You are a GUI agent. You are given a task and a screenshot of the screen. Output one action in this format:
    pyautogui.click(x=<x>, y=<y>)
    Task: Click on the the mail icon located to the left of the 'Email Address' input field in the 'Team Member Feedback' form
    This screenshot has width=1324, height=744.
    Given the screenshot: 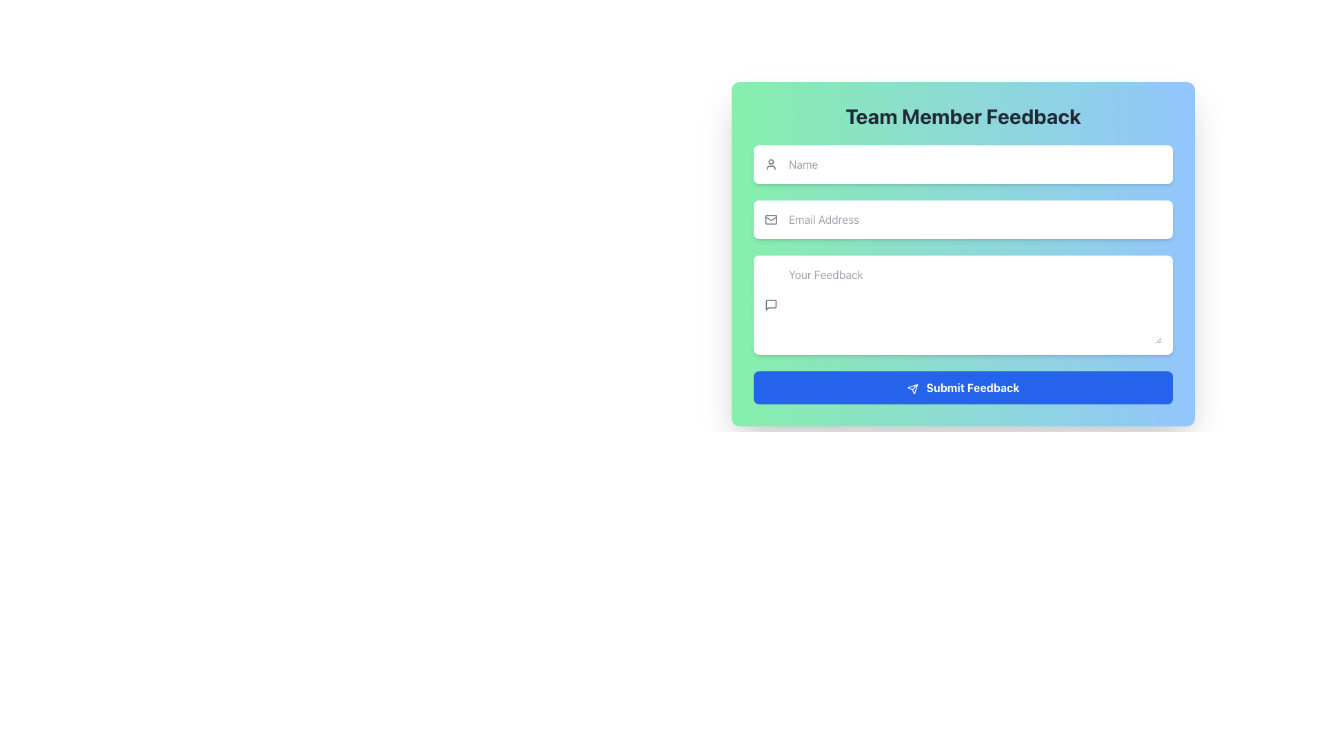 What is the action you would take?
    pyautogui.click(x=770, y=219)
    